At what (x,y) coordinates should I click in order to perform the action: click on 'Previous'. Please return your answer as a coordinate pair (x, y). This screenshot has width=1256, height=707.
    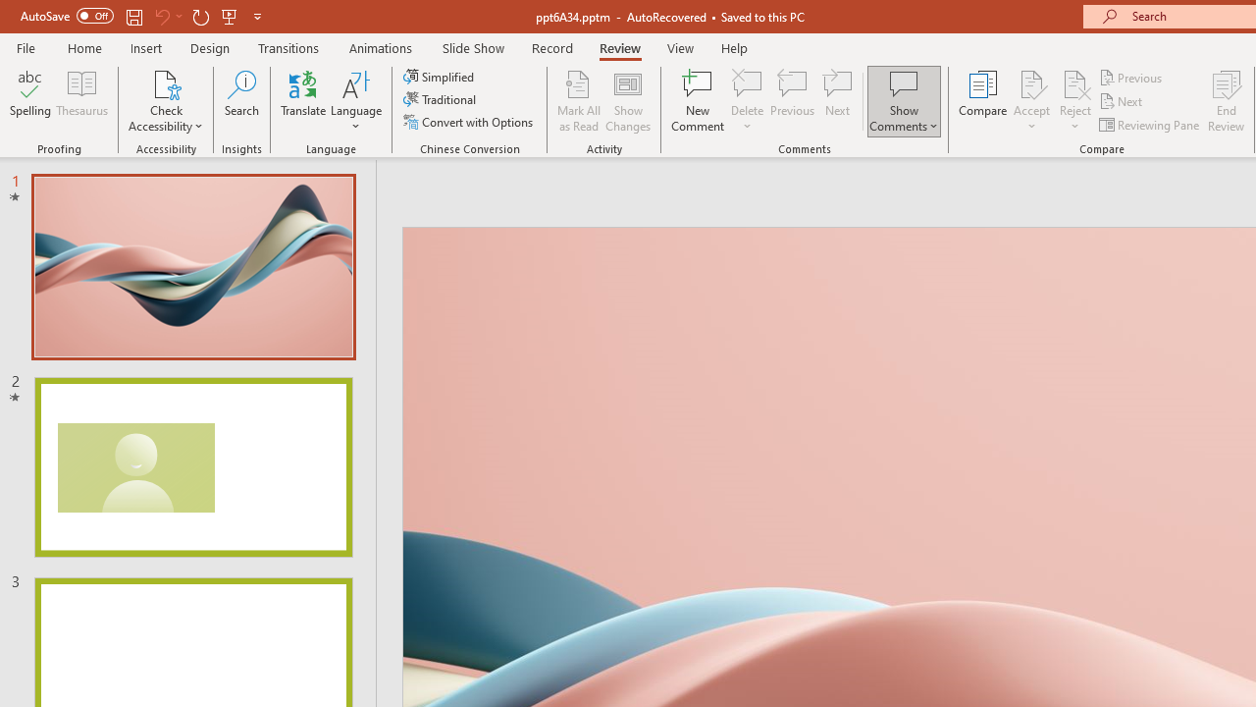
    Looking at the image, I should click on (1131, 77).